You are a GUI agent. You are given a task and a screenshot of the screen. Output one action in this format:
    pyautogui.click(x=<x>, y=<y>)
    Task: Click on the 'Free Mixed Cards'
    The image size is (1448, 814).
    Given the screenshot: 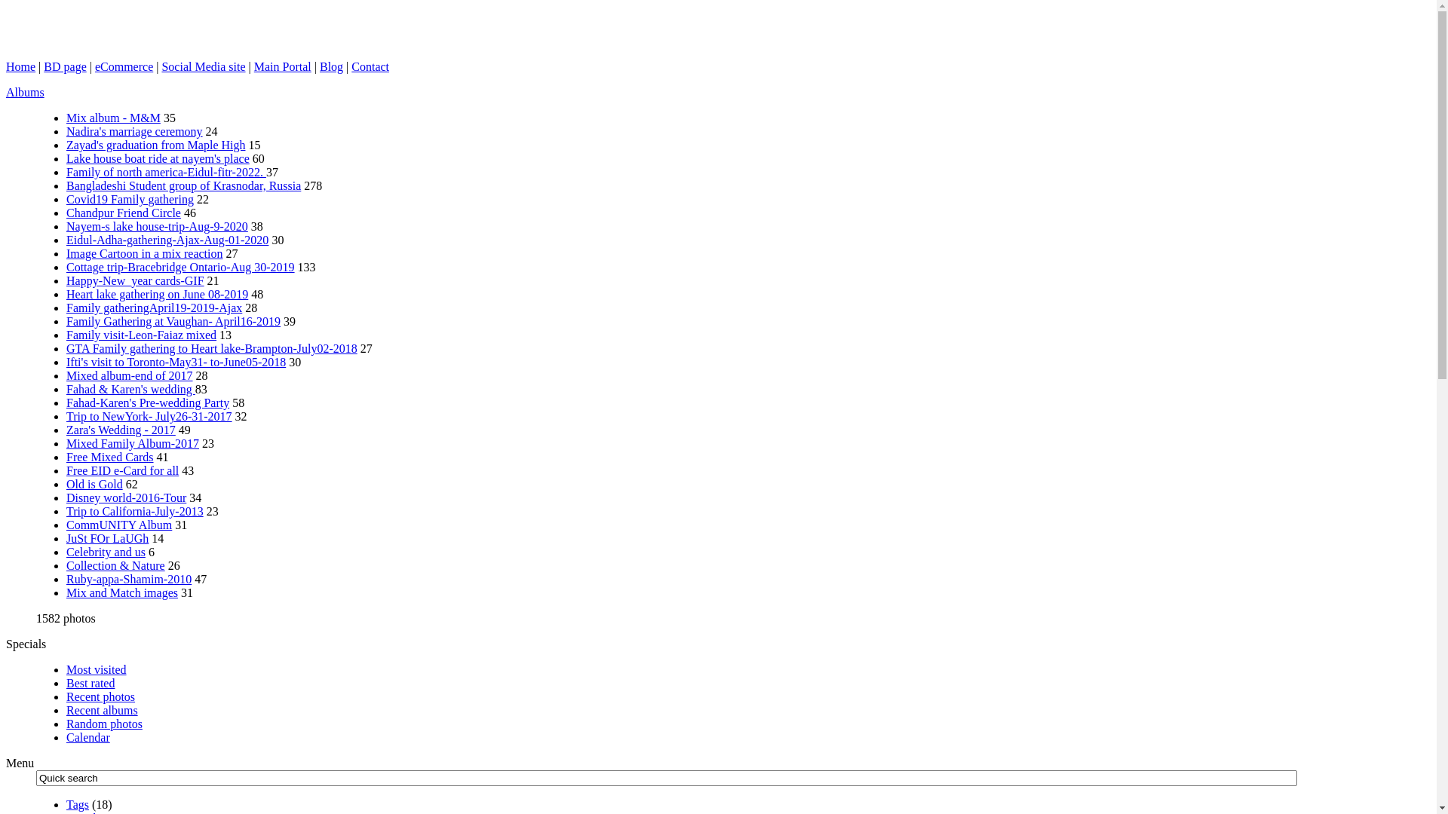 What is the action you would take?
    pyautogui.click(x=65, y=456)
    